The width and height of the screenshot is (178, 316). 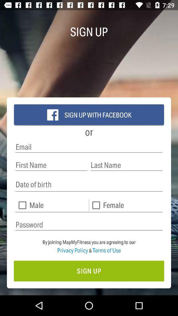 What do you see at coordinates (51, 165) in the screenshot?
I see `your first name` at bounding box center [51, 165].